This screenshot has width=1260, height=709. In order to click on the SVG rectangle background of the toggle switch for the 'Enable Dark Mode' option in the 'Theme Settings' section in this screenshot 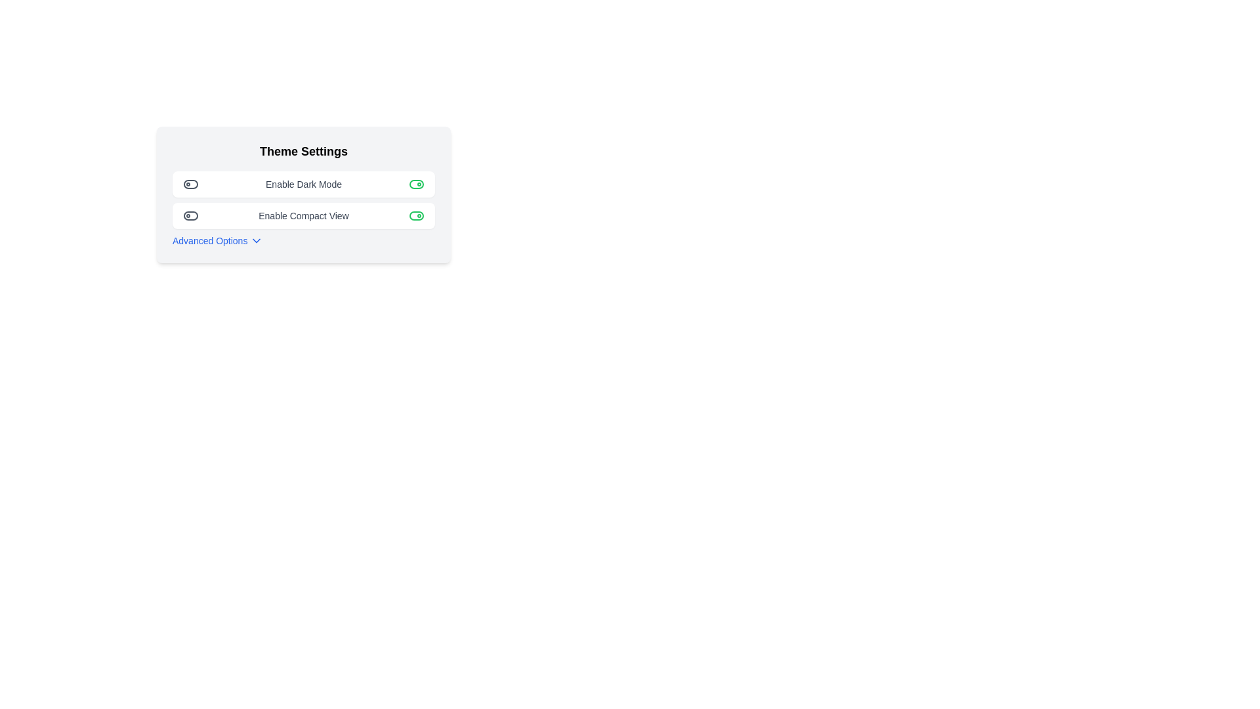, I will do `click(415, 184)`.